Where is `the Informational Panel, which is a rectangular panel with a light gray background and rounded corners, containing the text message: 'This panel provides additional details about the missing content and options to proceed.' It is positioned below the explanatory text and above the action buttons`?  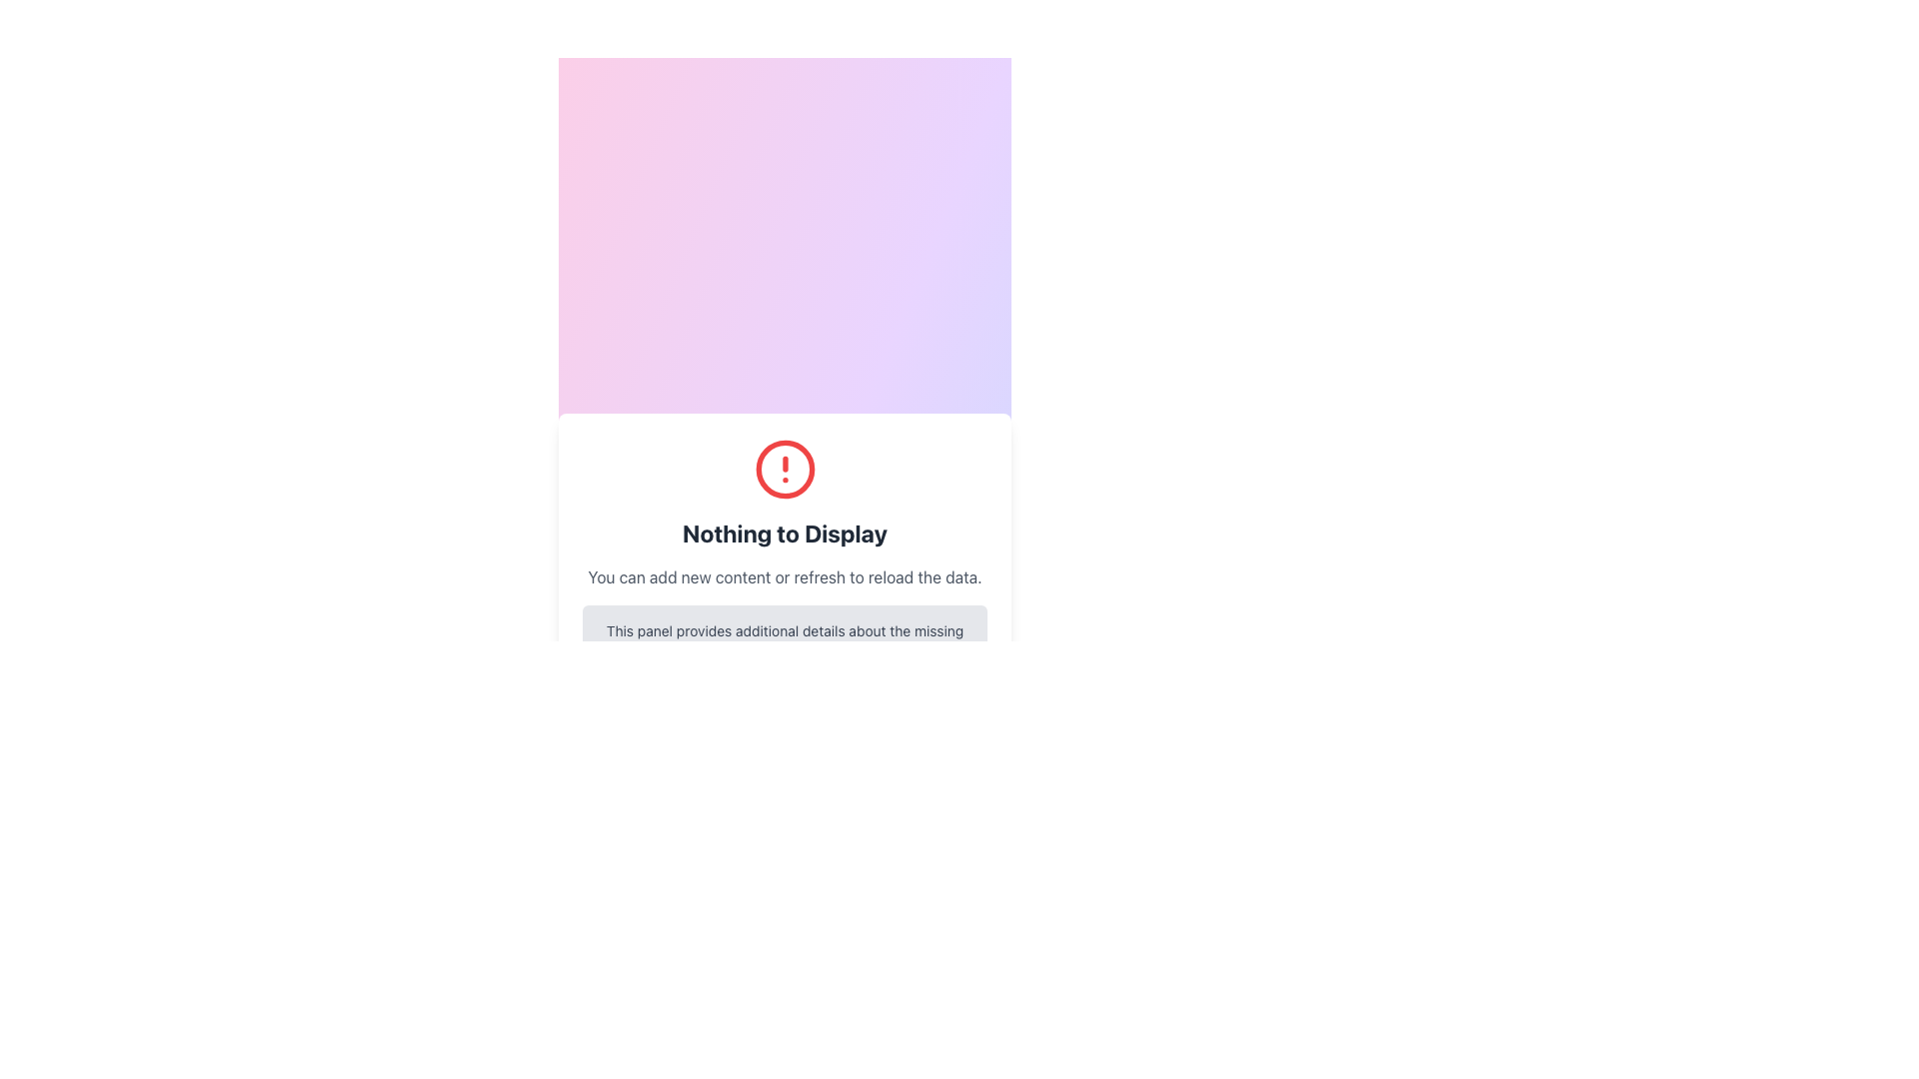 the Informational Panel, which is a rectangular panel with a light gray background and rounded corners, containing the text message: 'This panel provides additional details about the missing content and options to proceed.' It is positioned below the explanatory text and above the action buttons is located at coordinates (784, 640).